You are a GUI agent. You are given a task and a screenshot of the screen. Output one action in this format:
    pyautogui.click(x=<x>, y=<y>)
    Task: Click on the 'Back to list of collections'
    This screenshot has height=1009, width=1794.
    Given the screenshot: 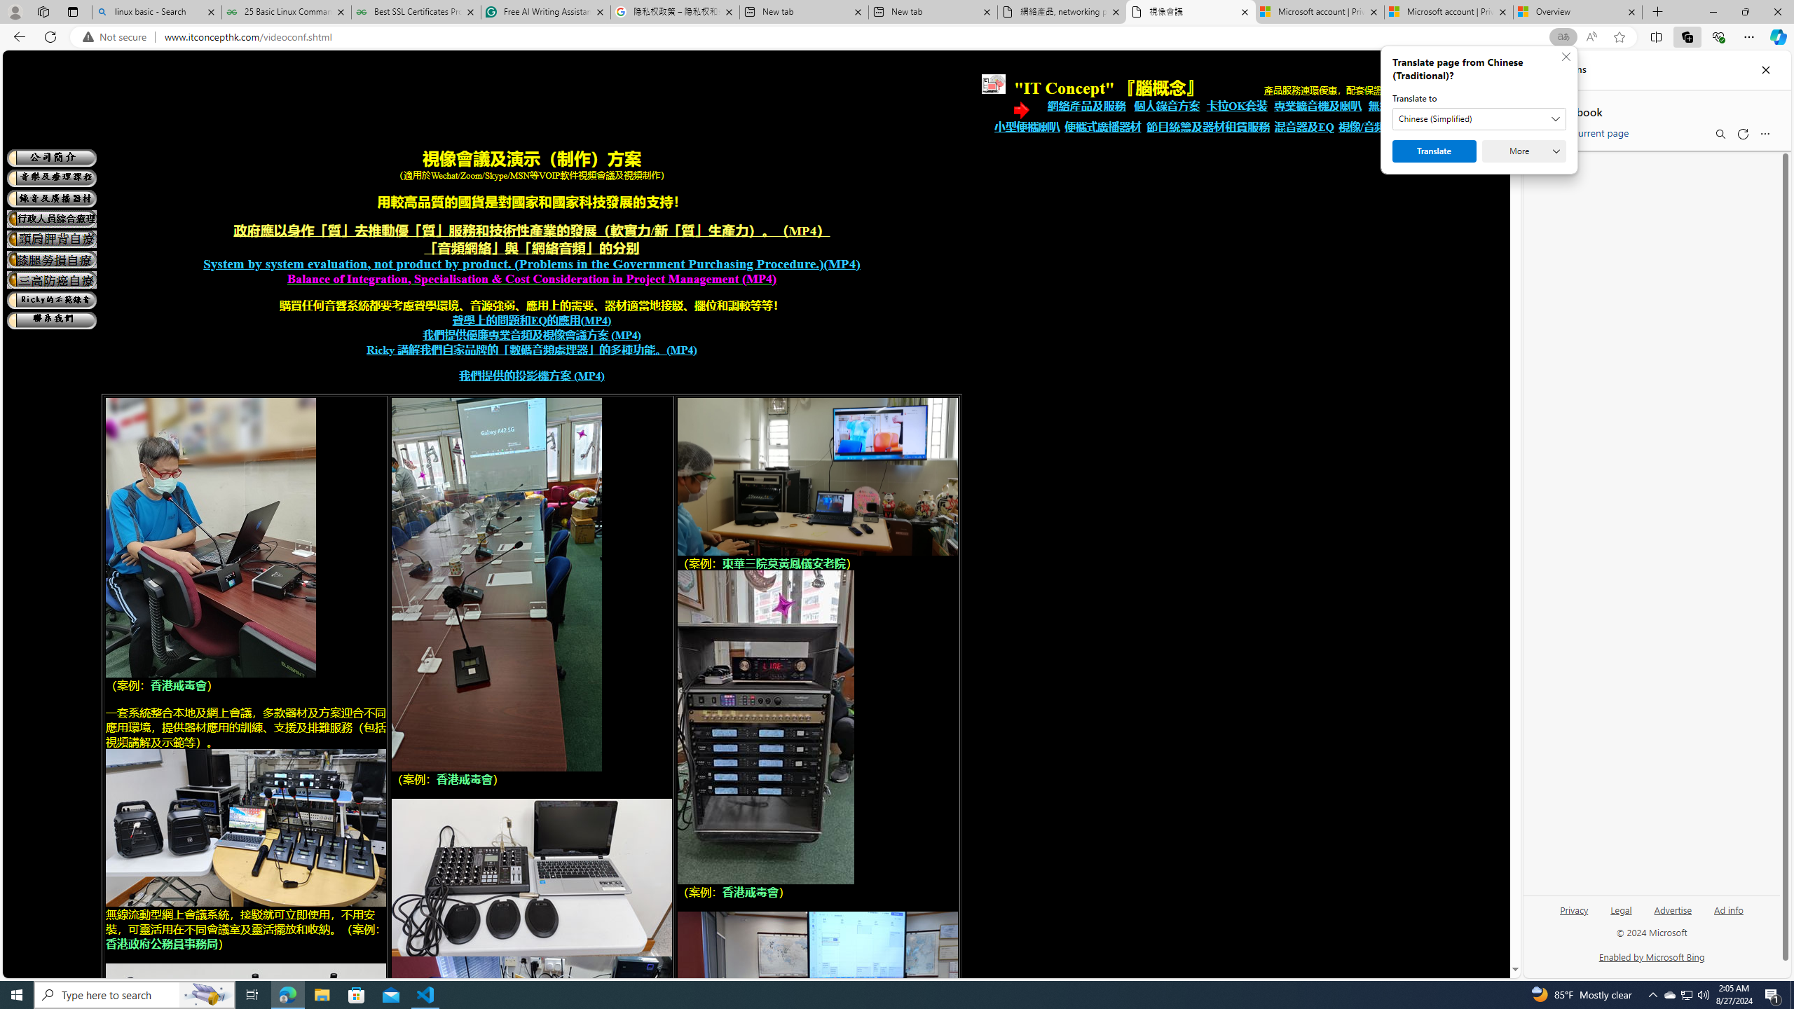 What is the action you would take?
    pyautogui.click(x=1540, y=111)
    